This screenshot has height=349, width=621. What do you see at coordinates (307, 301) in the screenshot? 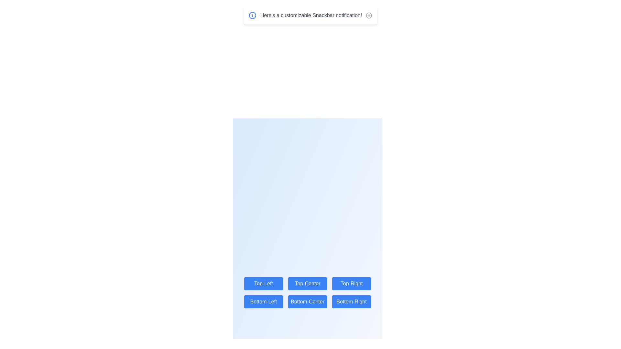
I see `the button labeled Bottom-Center to change the Snackbar position` at bounding box center [307, 301].